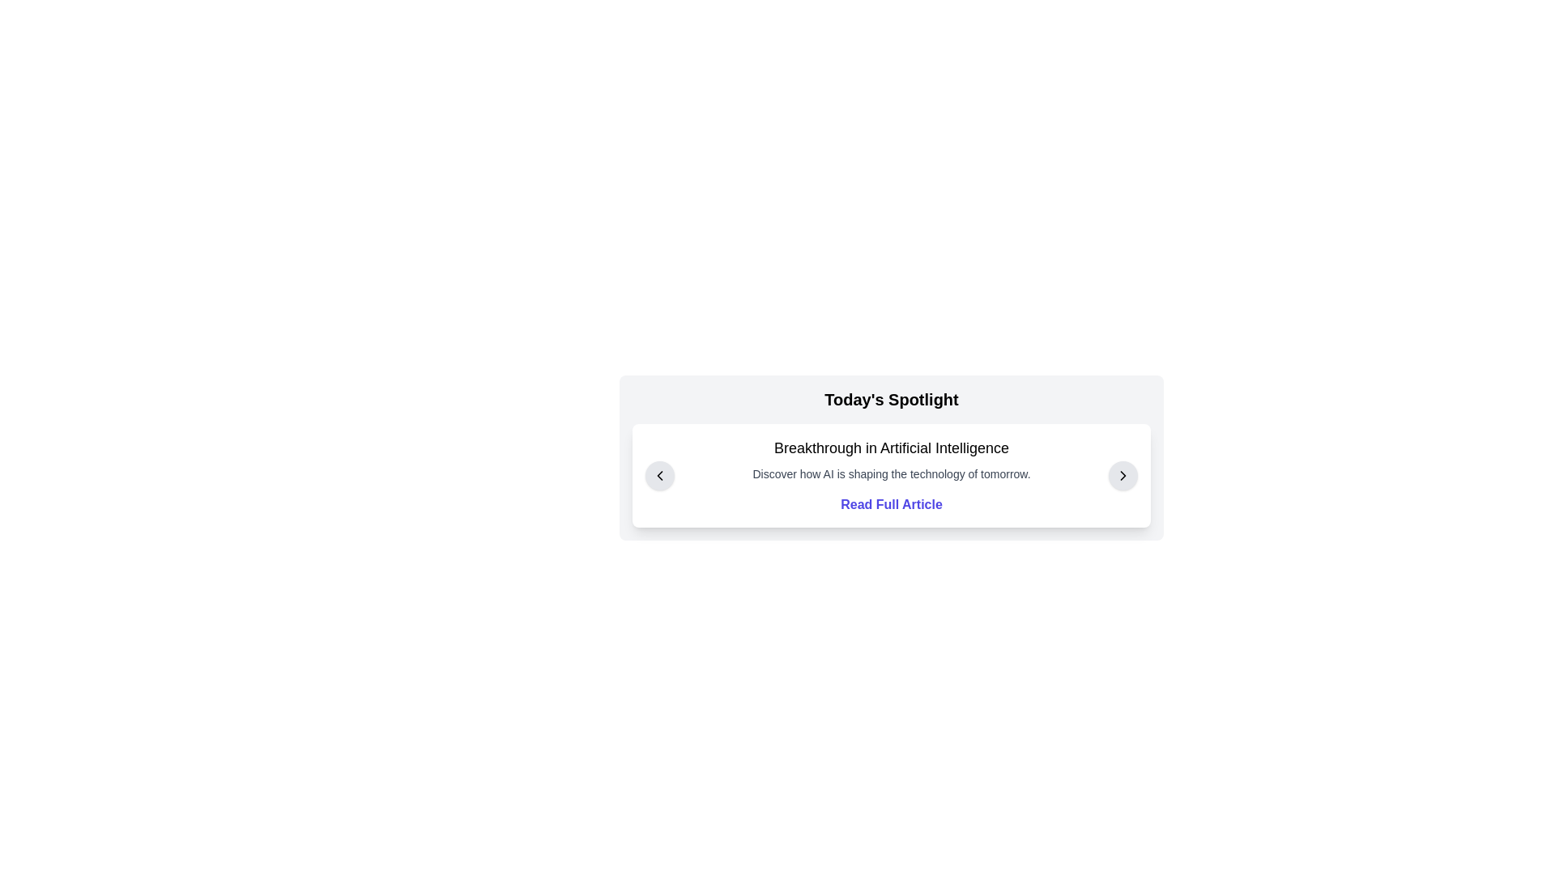  I want to click on the hyperlink labeled 'Read Full Article', so click(890, 504).